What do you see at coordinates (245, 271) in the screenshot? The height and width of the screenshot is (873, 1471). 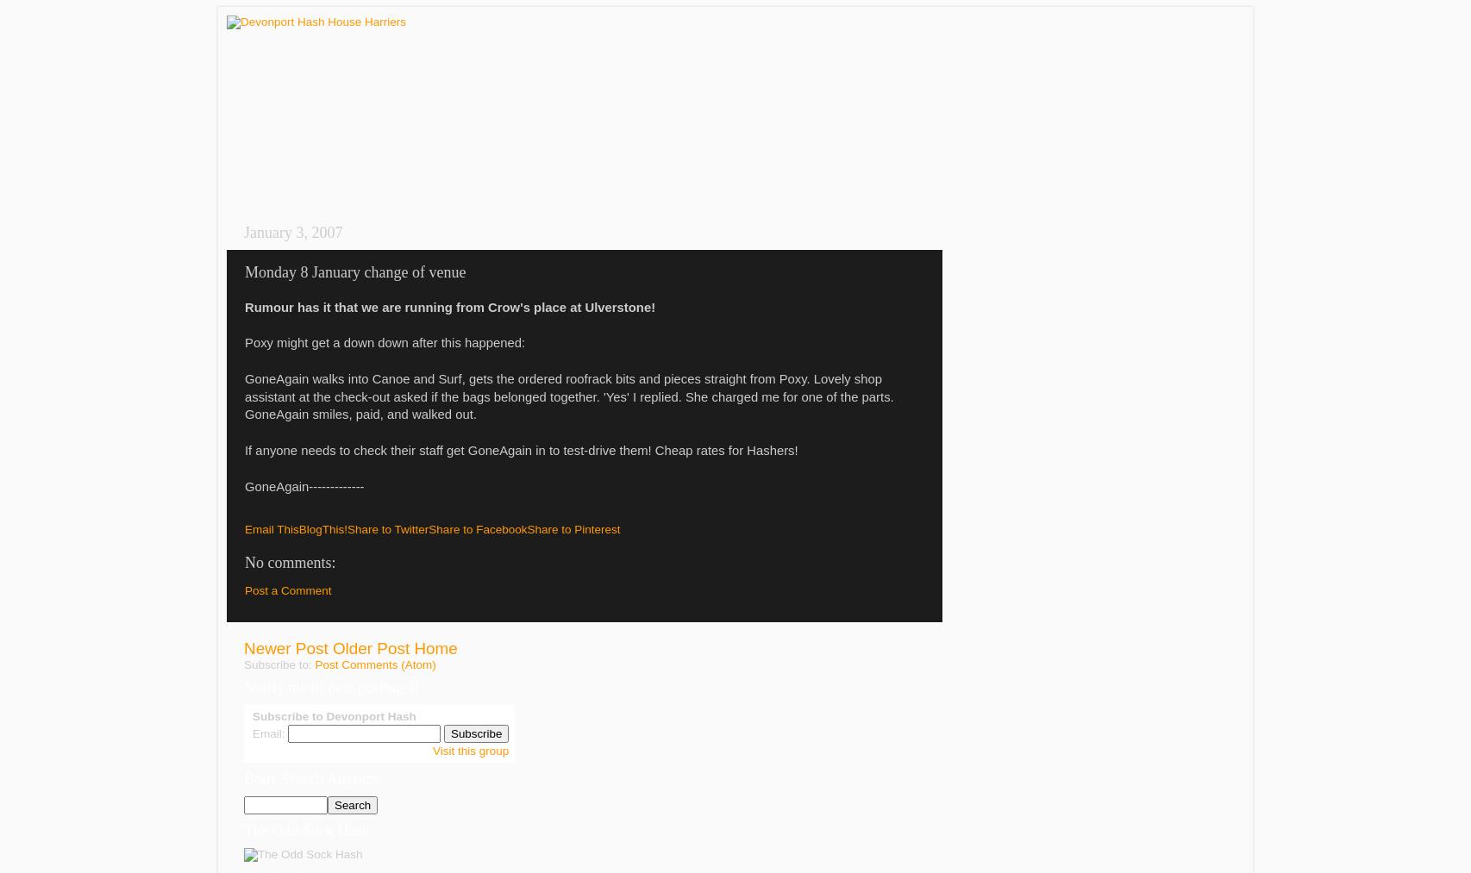 I see `'Monday 8 January change of venue'` at bounding box center [245, 271].